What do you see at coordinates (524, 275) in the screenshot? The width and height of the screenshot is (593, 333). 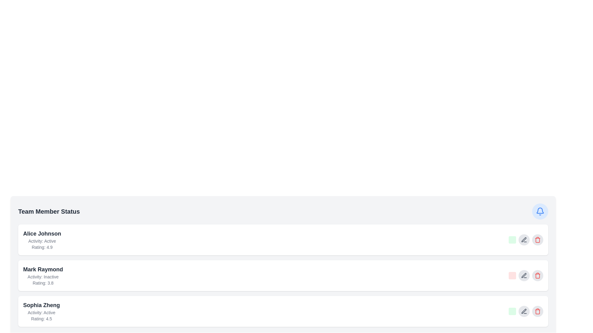 I see `the pen-shaped edit icon for the user entry of 'Mark Raymond' in the team membership list` at bounding box center [524, 275].